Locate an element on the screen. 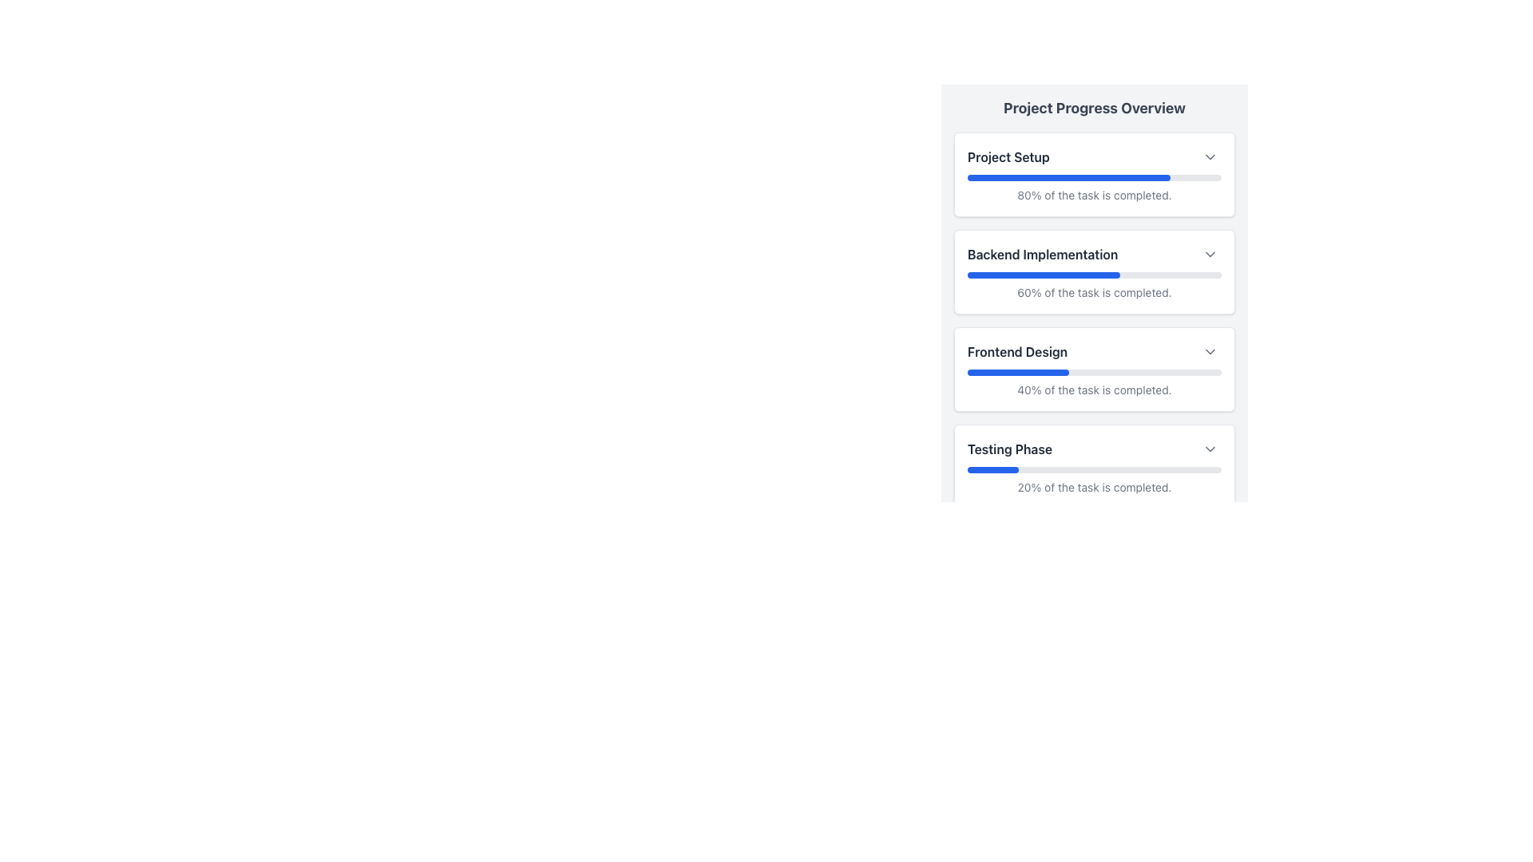 This screenshot has height=862, width=1533. the chevron icon located on the right side of the row for 'Frontend Design' is located at coordinates (1210, 350).